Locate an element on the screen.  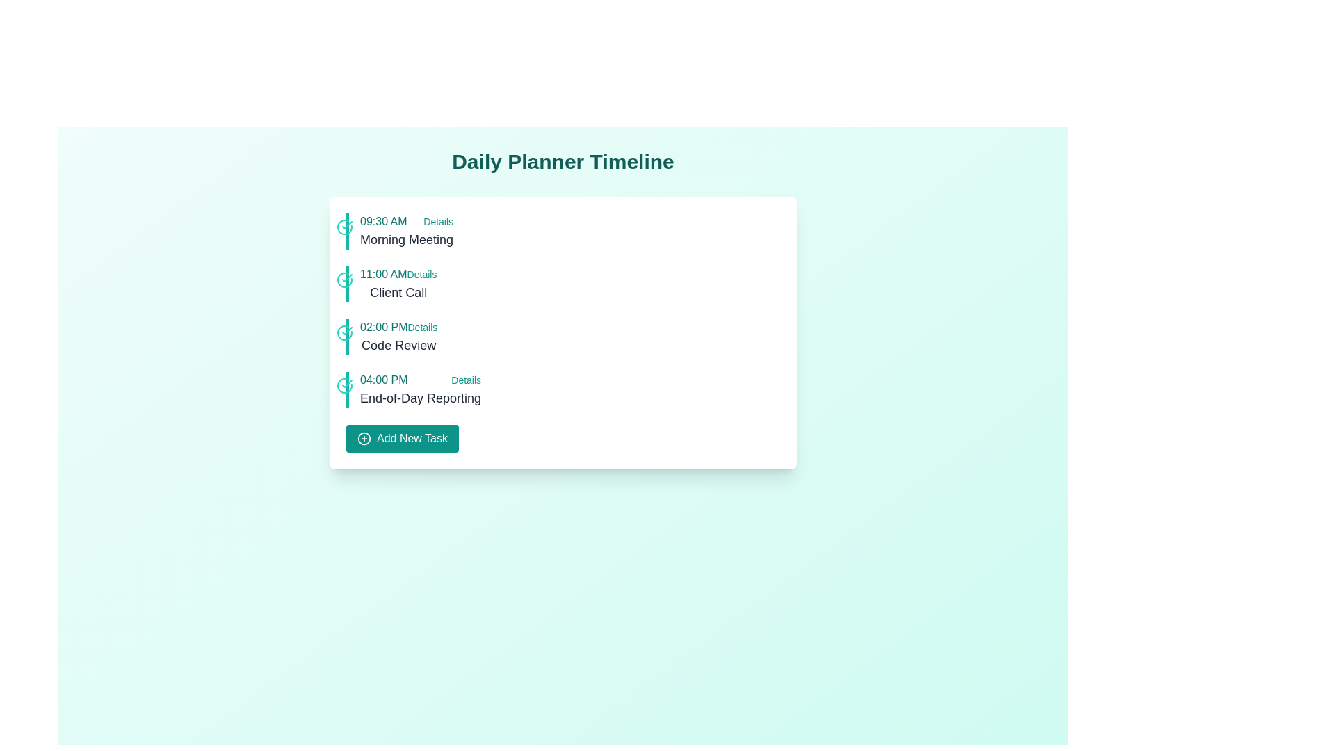
or tap on the teal circular icon with a check mark located to the left of the text '09:30 AM Details Morning Meeting' is located at coordinates (344, 227).